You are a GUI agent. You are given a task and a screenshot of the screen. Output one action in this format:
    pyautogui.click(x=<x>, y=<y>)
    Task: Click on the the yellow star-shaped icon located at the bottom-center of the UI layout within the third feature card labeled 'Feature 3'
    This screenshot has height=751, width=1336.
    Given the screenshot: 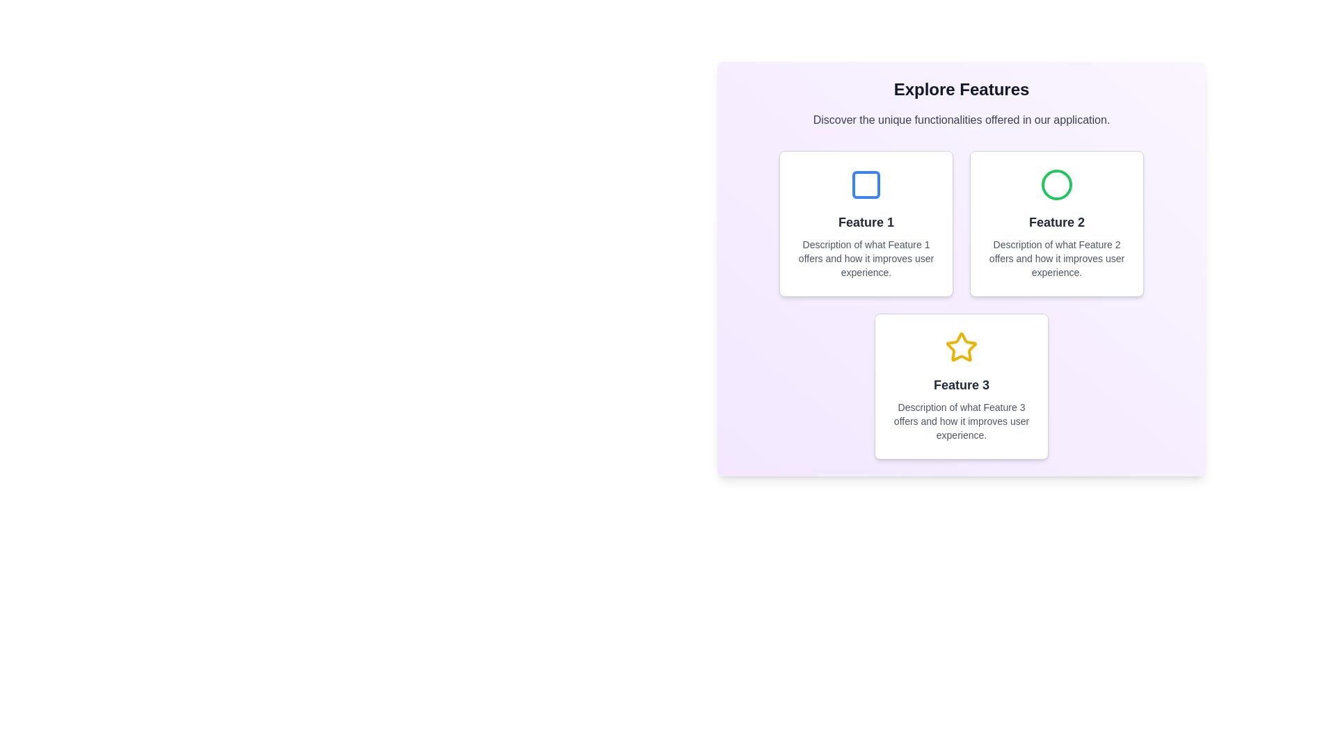 What is the action you would take?
    pyautogui.click(x=961, y=346)
    